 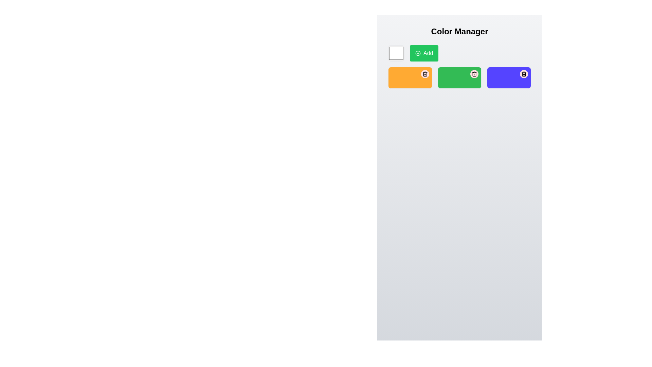 I want to click on the trash bin icon button located at the top-right corner of the blue rectangular button under the 'Color Manager' header to trigger a tooltip or visual feedback, so click(x=523, y=74).